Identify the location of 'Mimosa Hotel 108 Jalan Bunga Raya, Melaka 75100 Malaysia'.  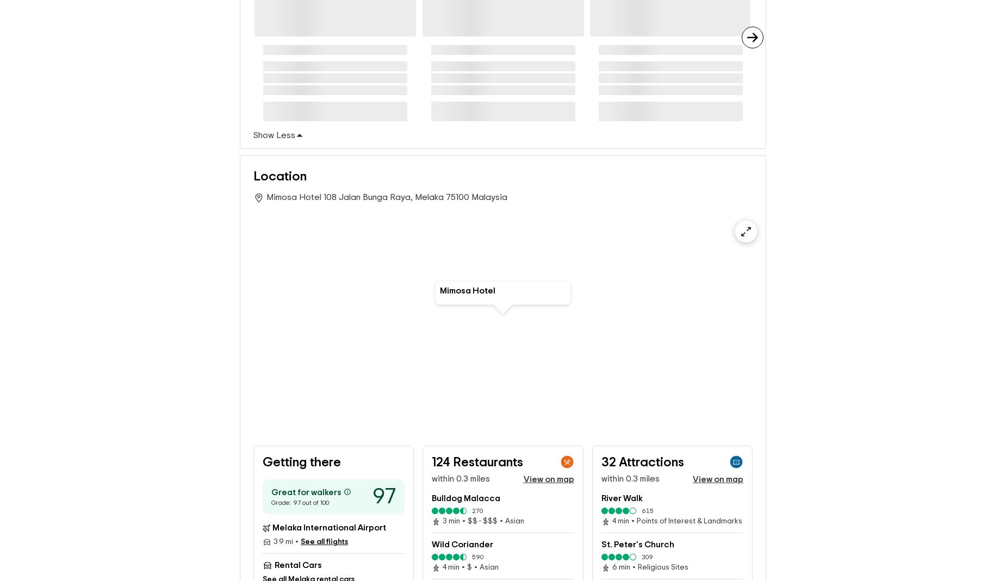
(387, 197).